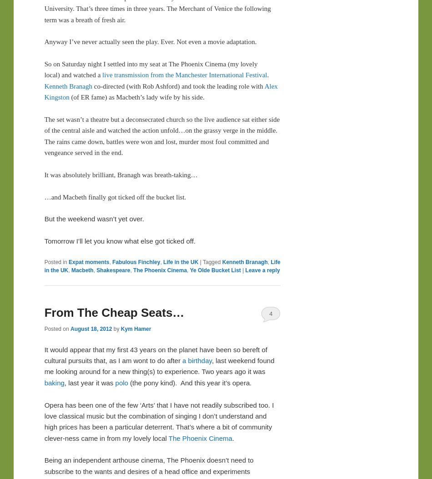 This screenshot has width=432, height=479. What do you see at coordinates (120, 382) in the screenshot?
I see `'polo'` at bounding box center [120, 382].